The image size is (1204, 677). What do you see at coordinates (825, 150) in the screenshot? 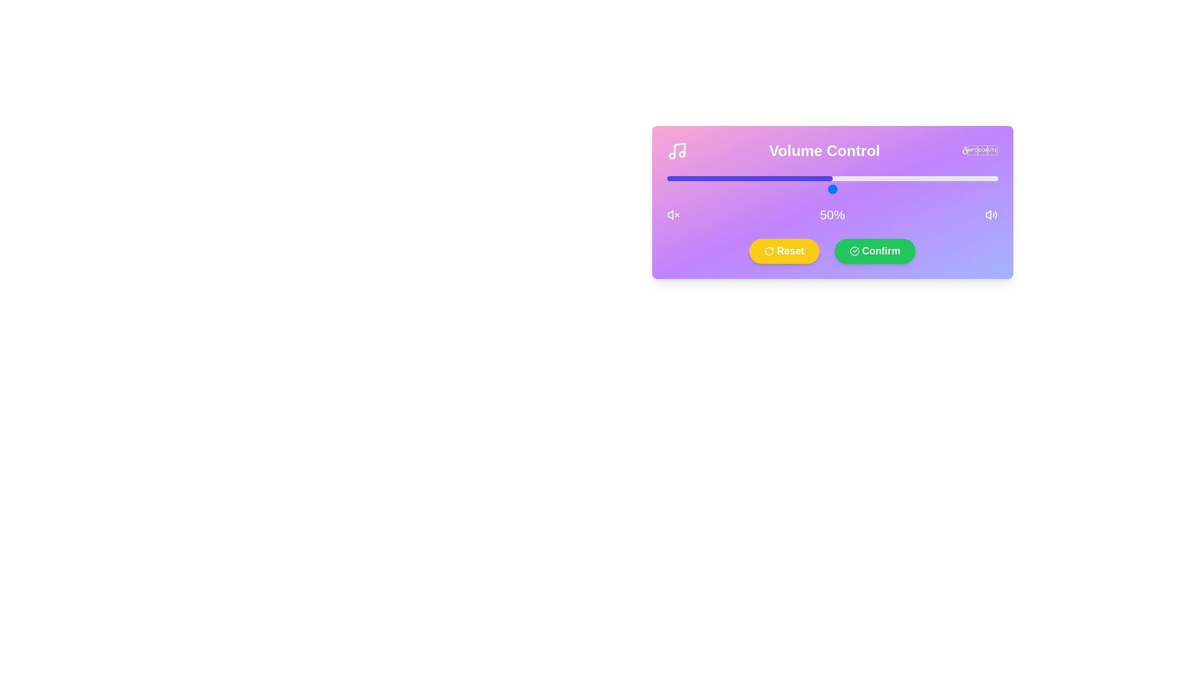
I see `the 'Volume Control' text label, which is a large, bold white font on a purple gradient background, located at the top of the main interface` at bounding box center [825, 150].